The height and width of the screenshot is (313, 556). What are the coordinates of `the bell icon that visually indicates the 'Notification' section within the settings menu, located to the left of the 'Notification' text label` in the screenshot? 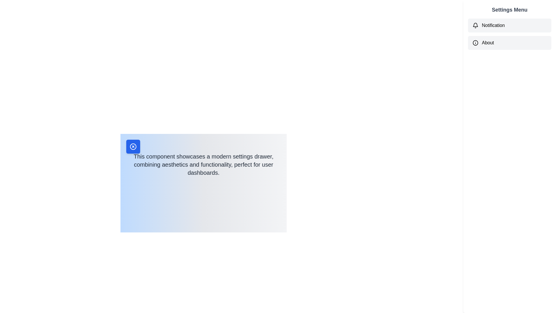 It's located at (475, 25).